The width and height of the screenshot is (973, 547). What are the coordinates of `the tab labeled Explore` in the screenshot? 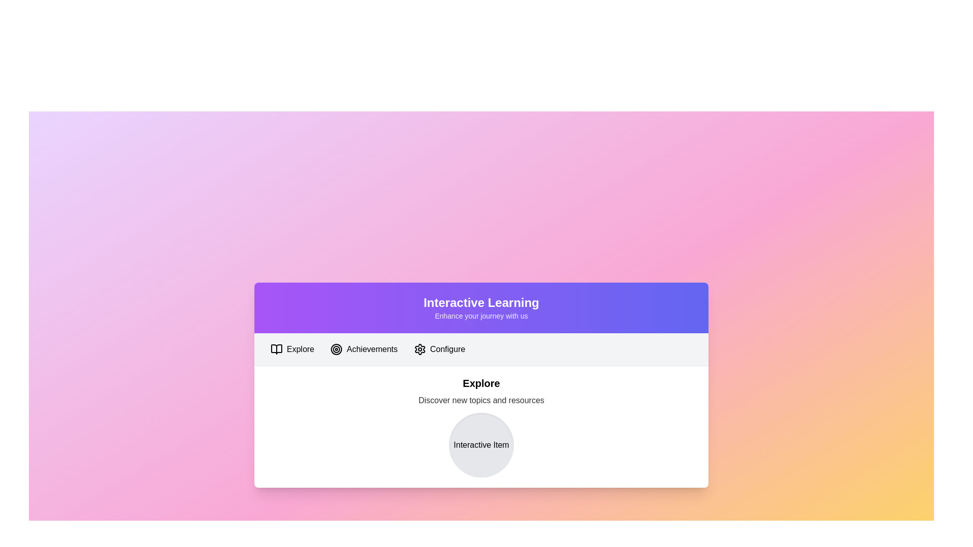 It's located at (292, 348).